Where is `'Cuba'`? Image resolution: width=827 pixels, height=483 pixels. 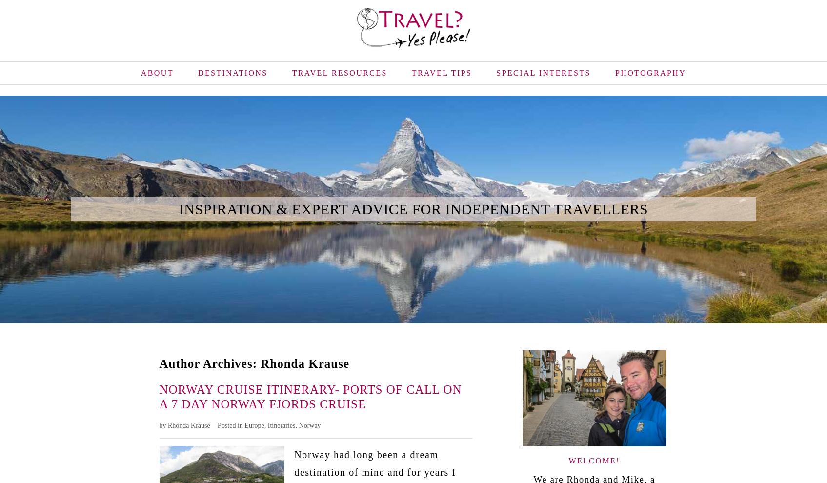 'Cuba' is located at coordinates (309, 115).